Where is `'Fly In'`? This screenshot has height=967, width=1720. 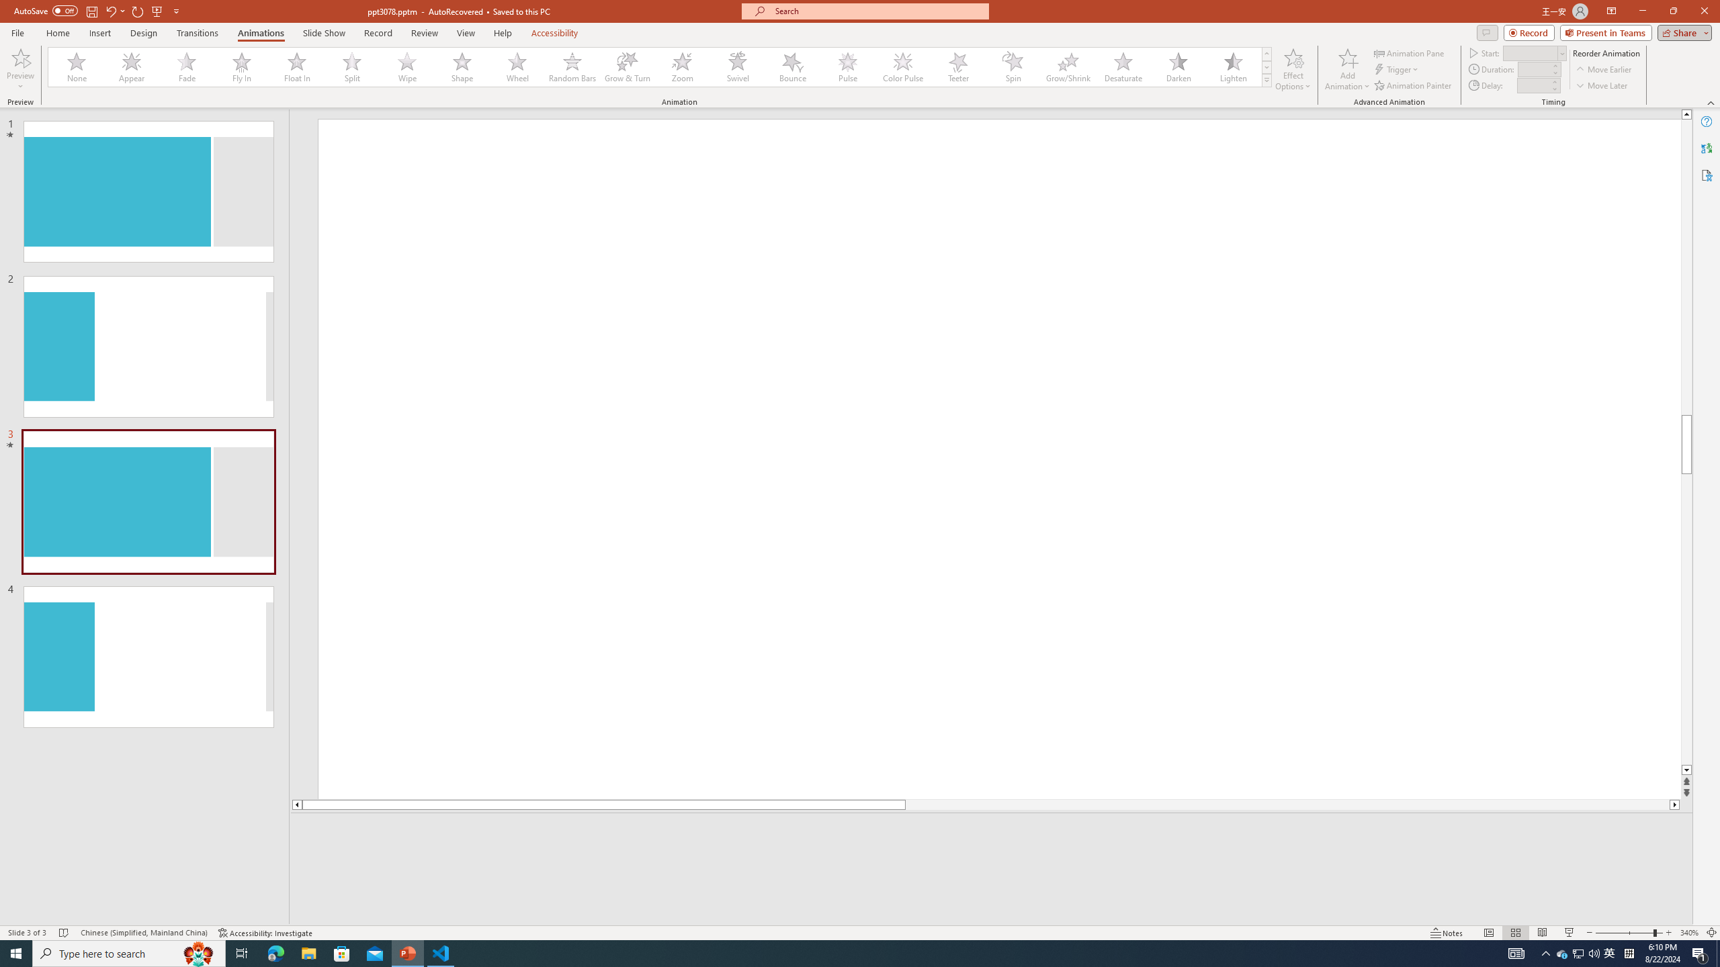
'Fly In' is located at coordinates (241, 66).